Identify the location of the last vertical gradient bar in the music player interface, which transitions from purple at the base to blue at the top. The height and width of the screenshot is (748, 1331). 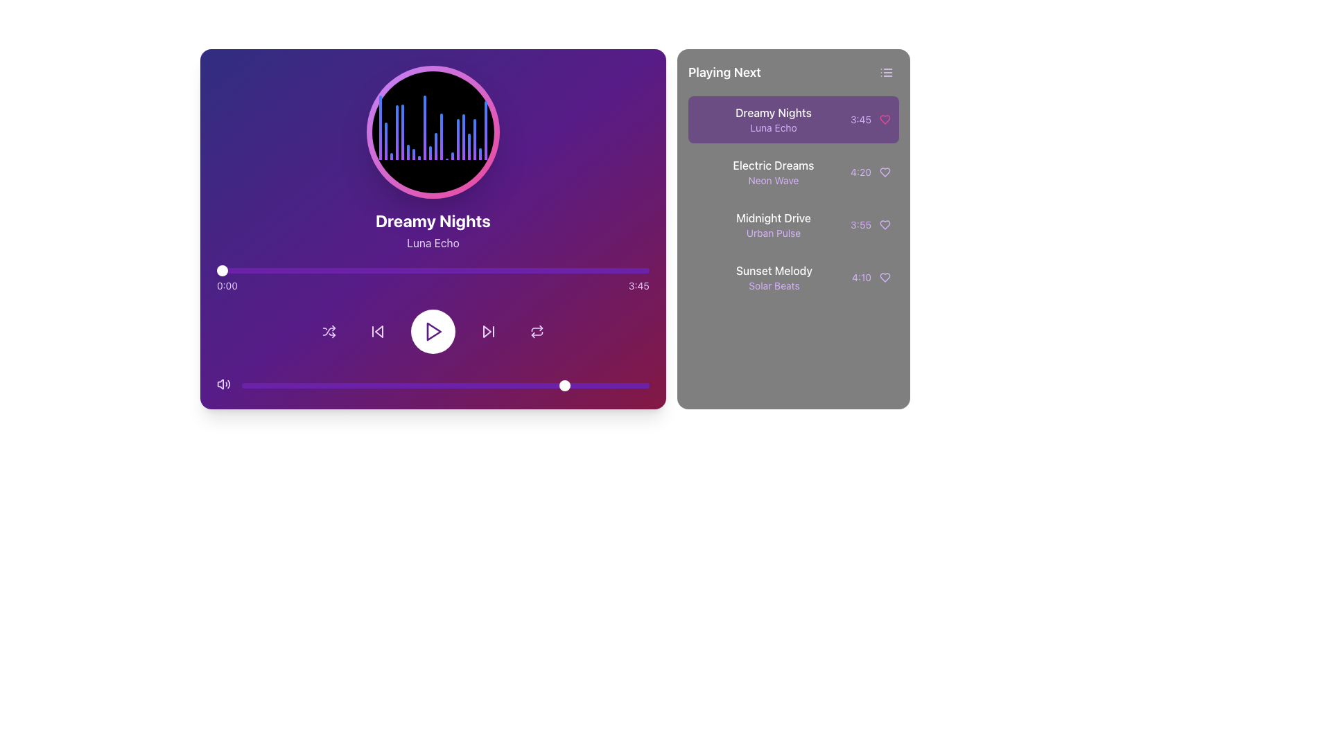
(485, 130).